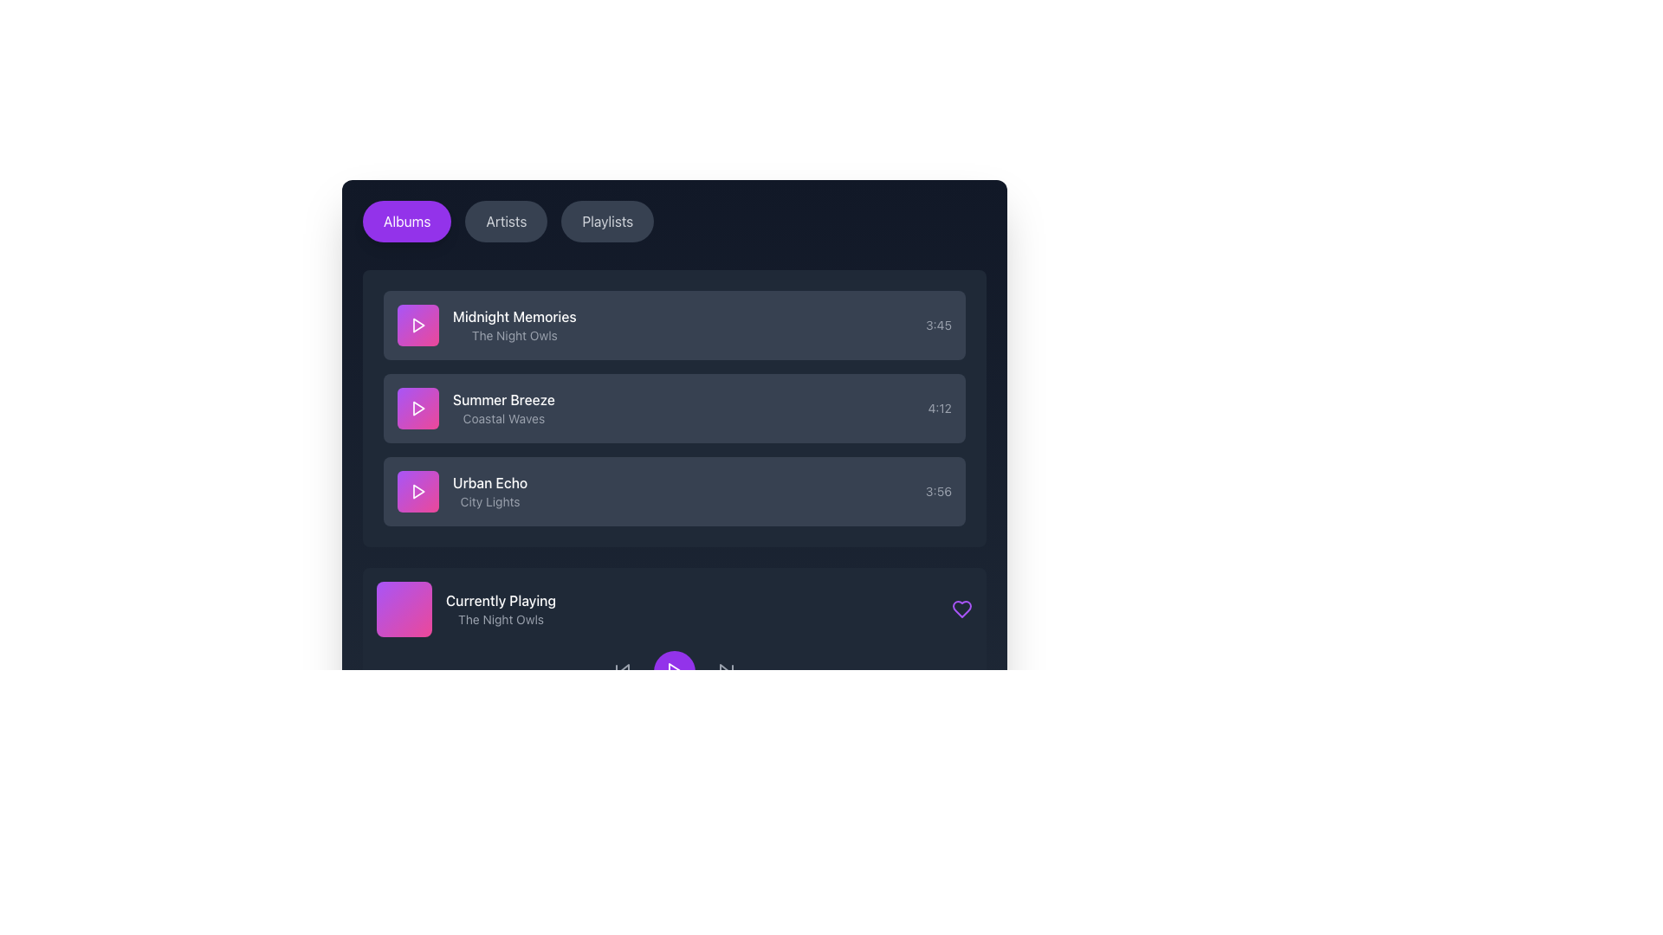  I want to click on the playback icon for the 'Midnight Memories' track, which is located on the left side of the entry within a pink square tile, so click(418, 325).